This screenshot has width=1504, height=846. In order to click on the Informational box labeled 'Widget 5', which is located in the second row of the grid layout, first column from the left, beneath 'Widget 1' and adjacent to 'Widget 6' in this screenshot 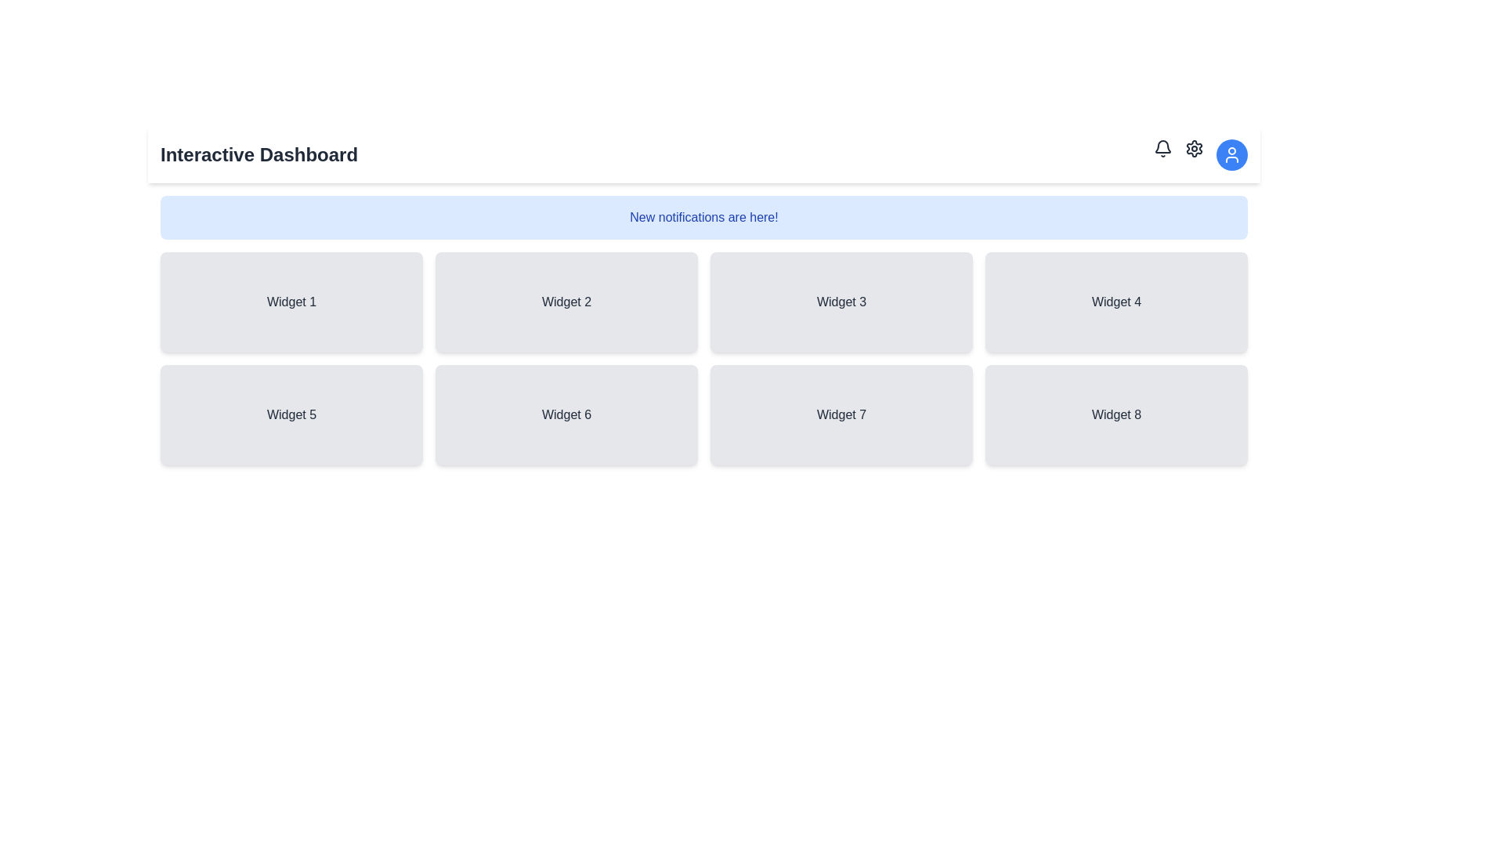, I will do `click(291, 414)`.